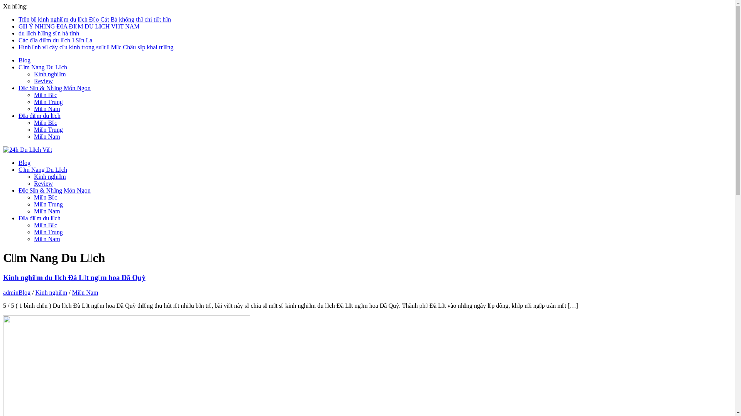  Describe the element at coordinates (43, 183) in the screenshot. I see `'Review'` at that location.